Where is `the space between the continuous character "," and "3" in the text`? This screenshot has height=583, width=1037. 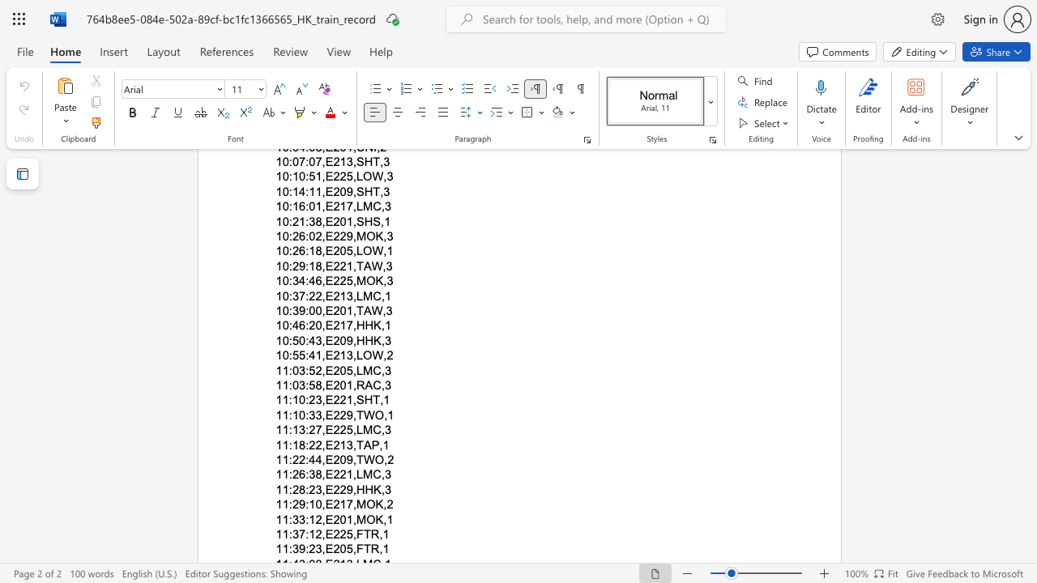 the space between the continuous character "," and "3" in the text is located at coordinates (385, 429).